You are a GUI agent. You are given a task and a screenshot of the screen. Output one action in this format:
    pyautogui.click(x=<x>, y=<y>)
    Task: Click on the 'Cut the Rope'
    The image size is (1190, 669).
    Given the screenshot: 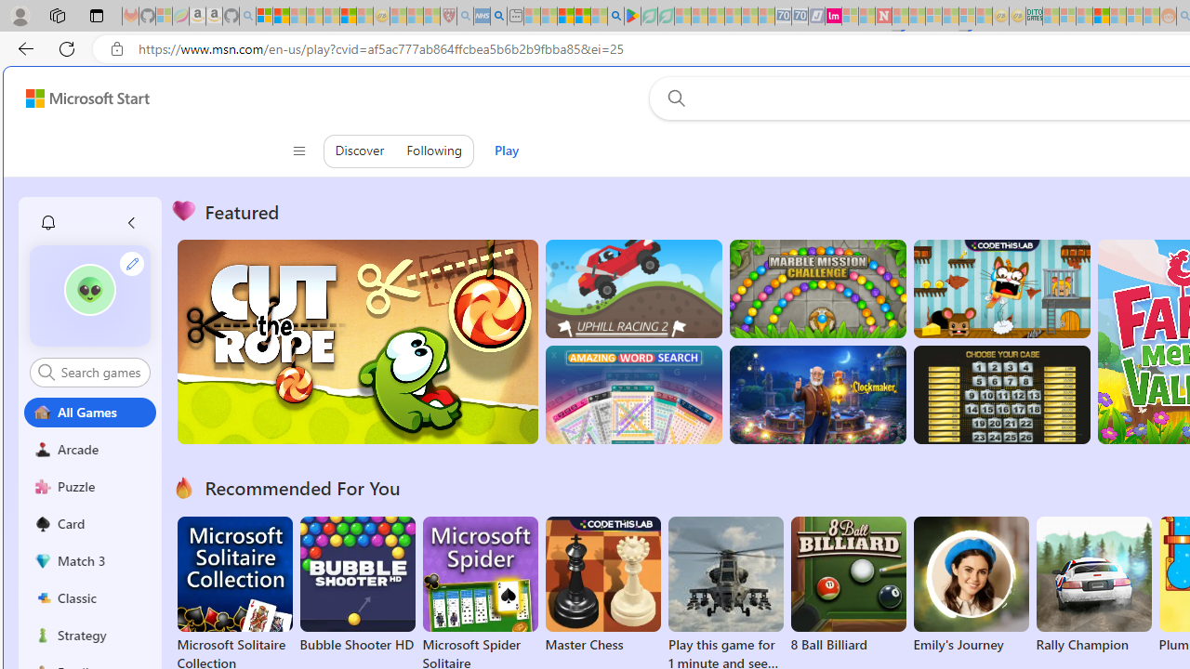 What is the action you would take?
    pyautogui.click(x=357, y=341)
    